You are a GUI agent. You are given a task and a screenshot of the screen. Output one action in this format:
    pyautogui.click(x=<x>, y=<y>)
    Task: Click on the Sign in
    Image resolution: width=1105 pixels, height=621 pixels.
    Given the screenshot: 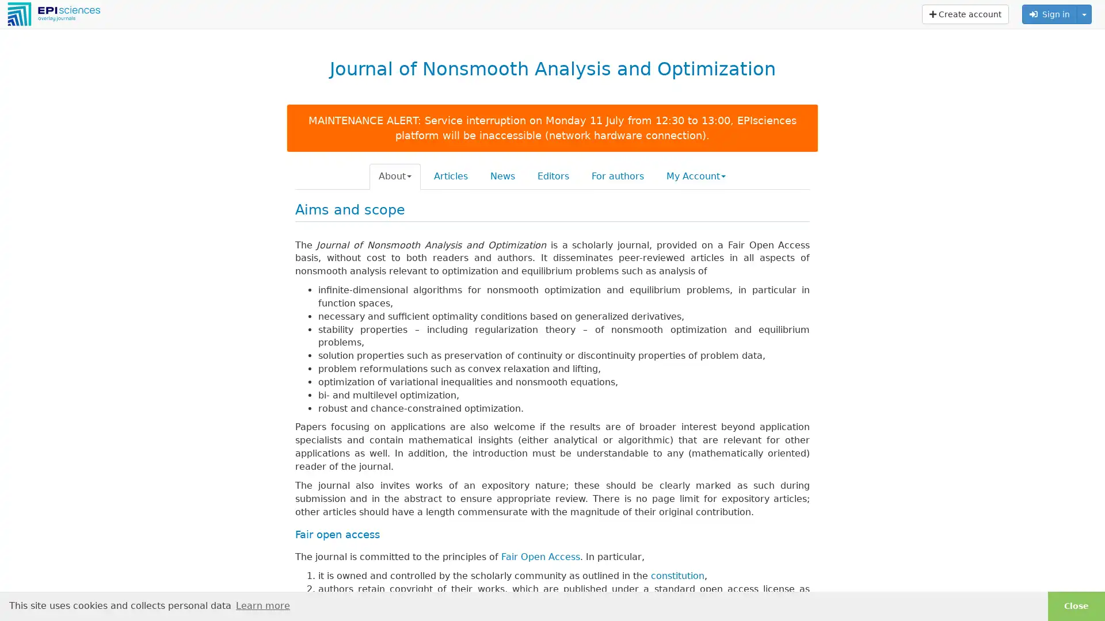 What is the action you would take?
    pyautogui.click(x=1050, y=14)
    